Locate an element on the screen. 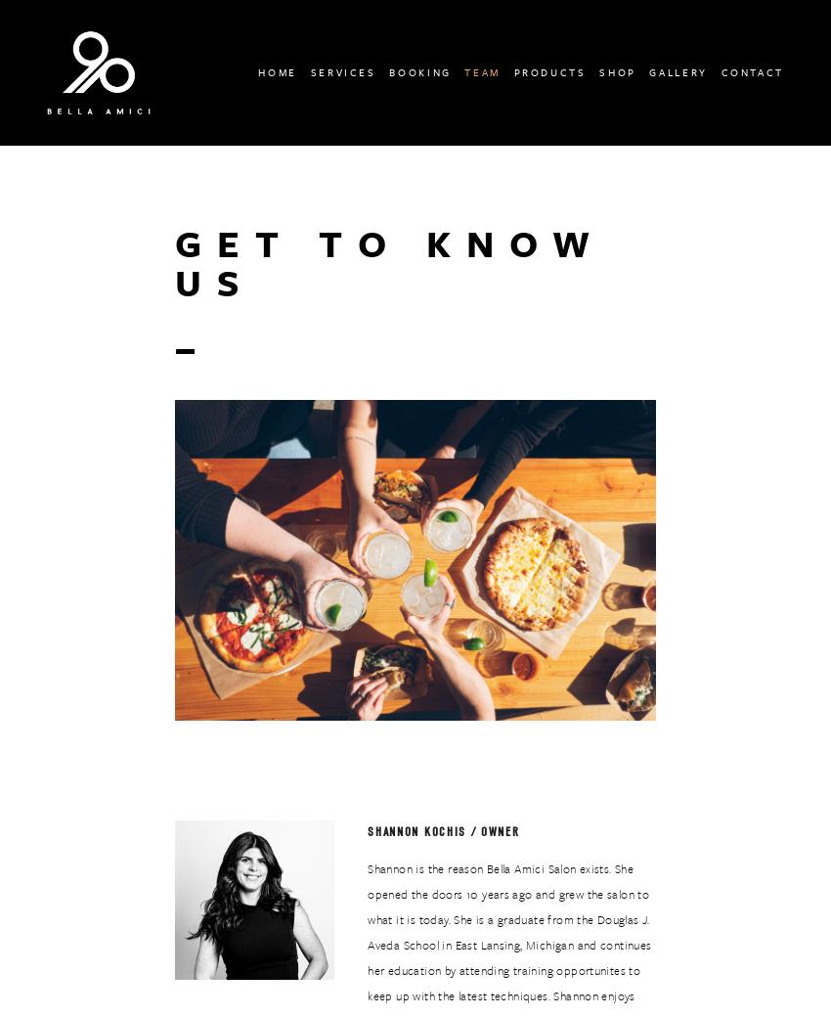 The image size is (831, 1017). 'Products' is located at coordinates (511, 70).